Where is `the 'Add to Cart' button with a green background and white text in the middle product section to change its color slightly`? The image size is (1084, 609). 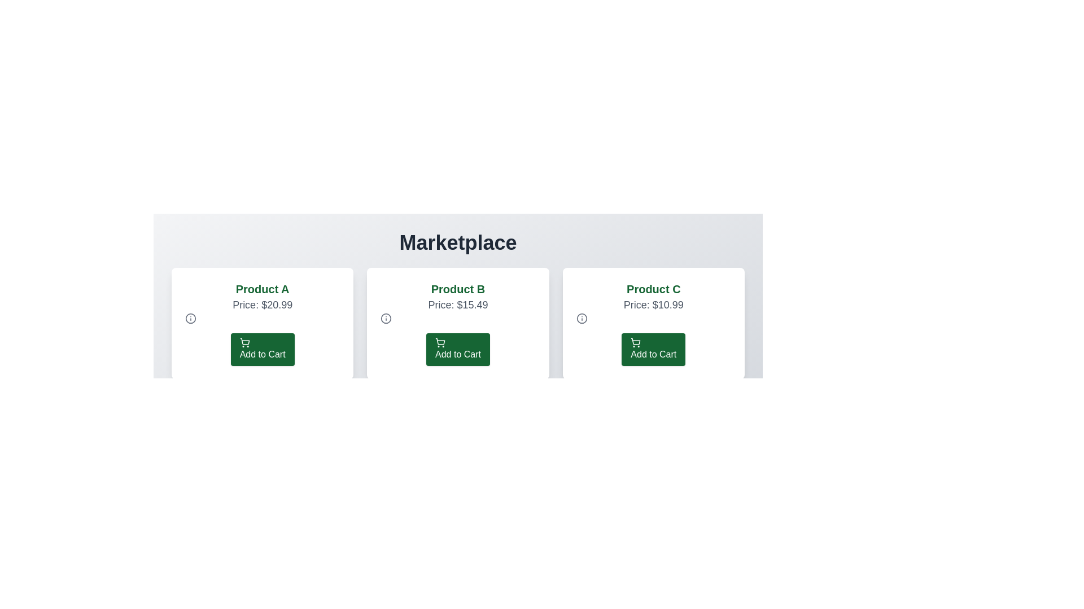
the 'Add to Cart' button with a green background and white text in the middle product section to change its color slightly is located at coordinates (458, 349).